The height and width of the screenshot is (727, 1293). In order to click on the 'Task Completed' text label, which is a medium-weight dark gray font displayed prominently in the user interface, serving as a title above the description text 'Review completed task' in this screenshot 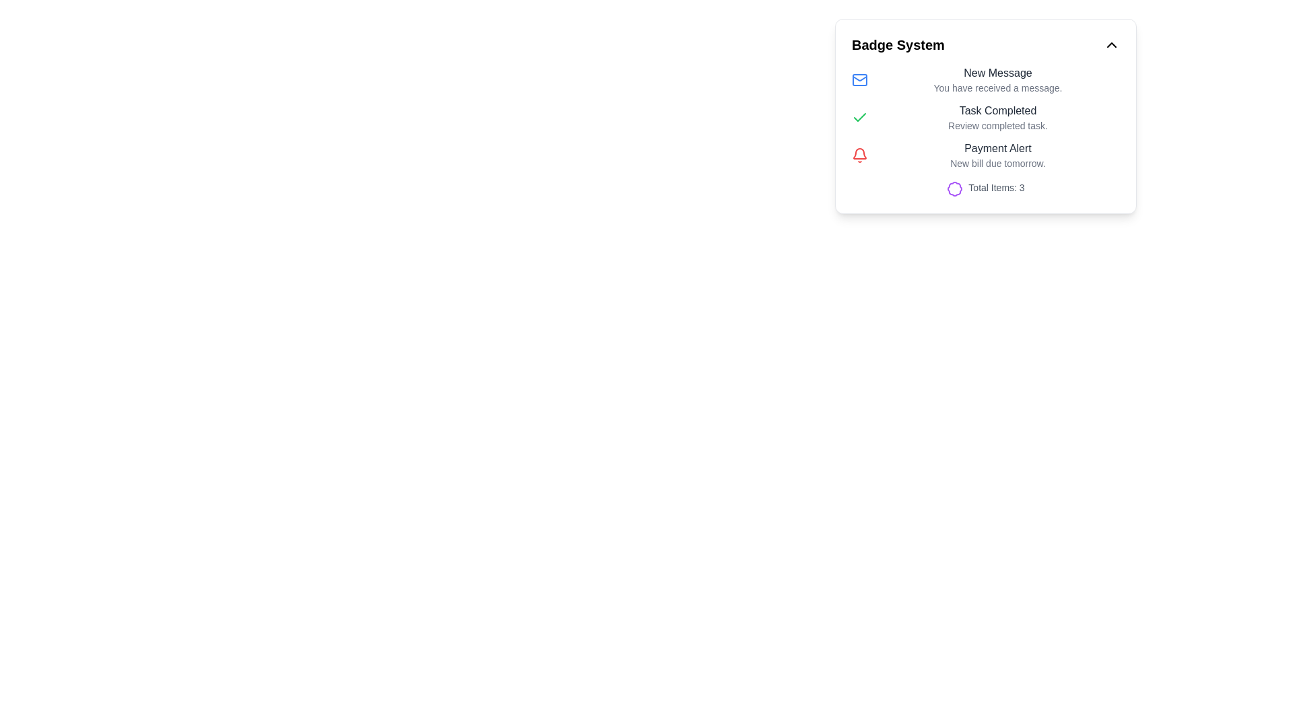, I will do `click(998, 110)`.